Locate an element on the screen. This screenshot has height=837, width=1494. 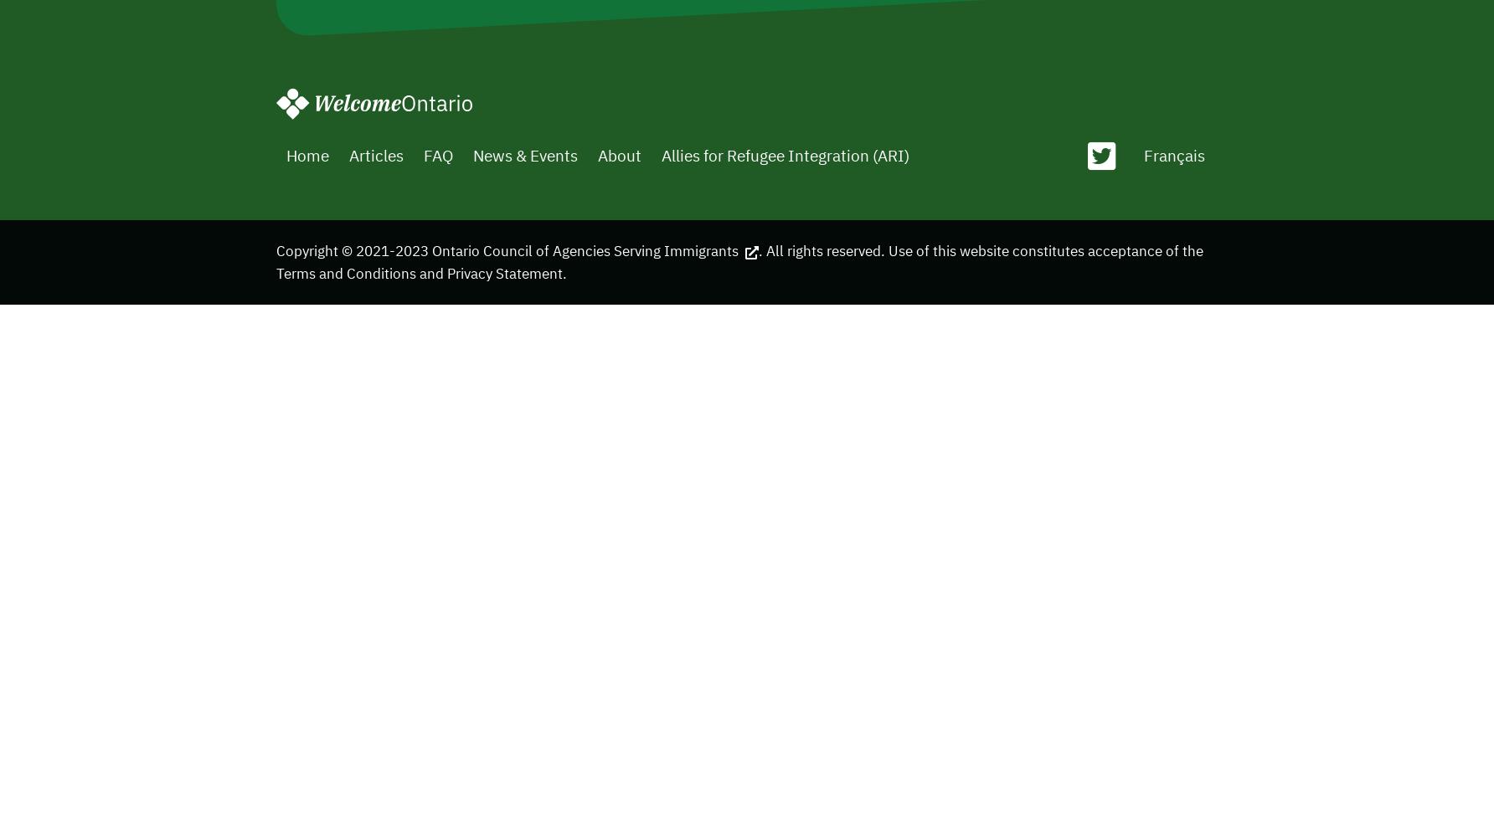
'. All rights reserved. Use of this website constitutes acceptance of the' is located at coordinates (980, 250).